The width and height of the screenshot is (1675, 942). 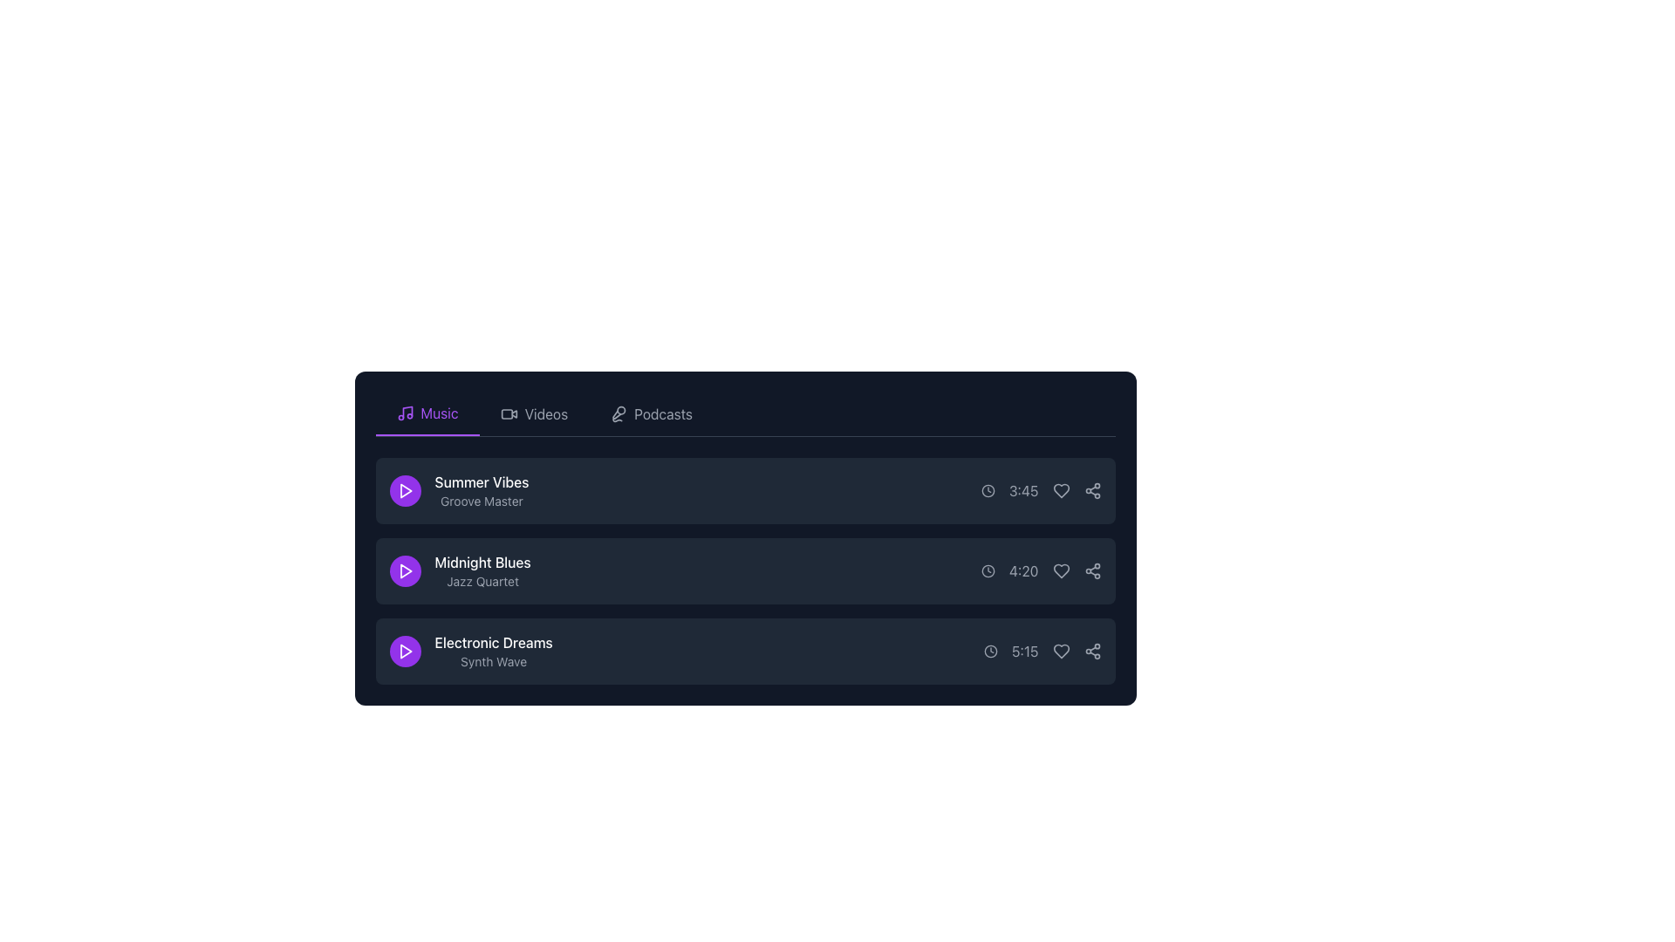 What do you see at coordinates (1060, 491) in the screenshot?
I see `the heart-shaped icon button located in the topmost content row under the 'Music' tab` at bounding box center [1060, 491].